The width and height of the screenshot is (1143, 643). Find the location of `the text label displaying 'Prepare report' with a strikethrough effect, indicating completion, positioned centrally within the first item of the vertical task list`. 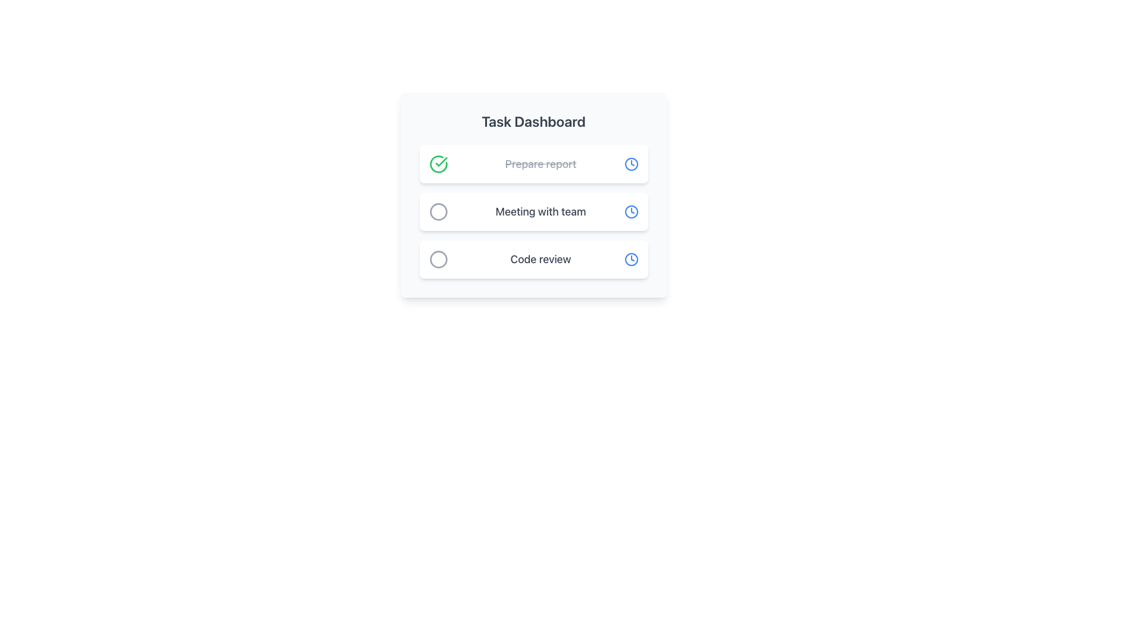

the text label displaying 'Prepare report' with a strikethrough effect, indicating completion, positioned centrally within the first item of the vertical task list is located at coordinates (540, 164).